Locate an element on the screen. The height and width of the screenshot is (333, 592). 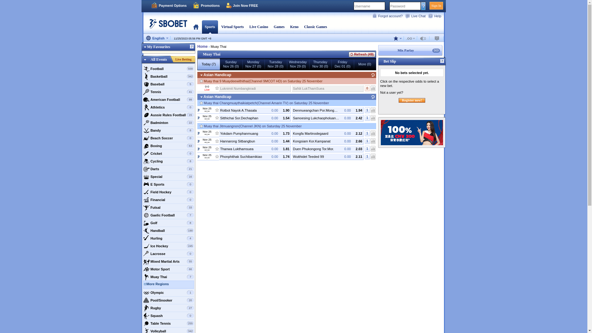
'Friday is located at coordinates (331, 64).